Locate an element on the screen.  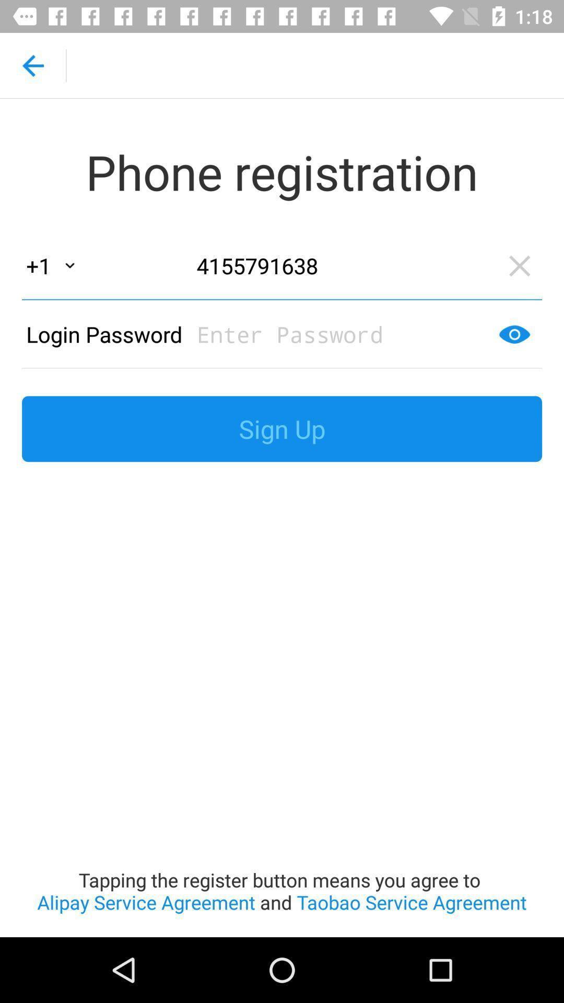
the icon above tapping the register is located at coordinates (282, 429).